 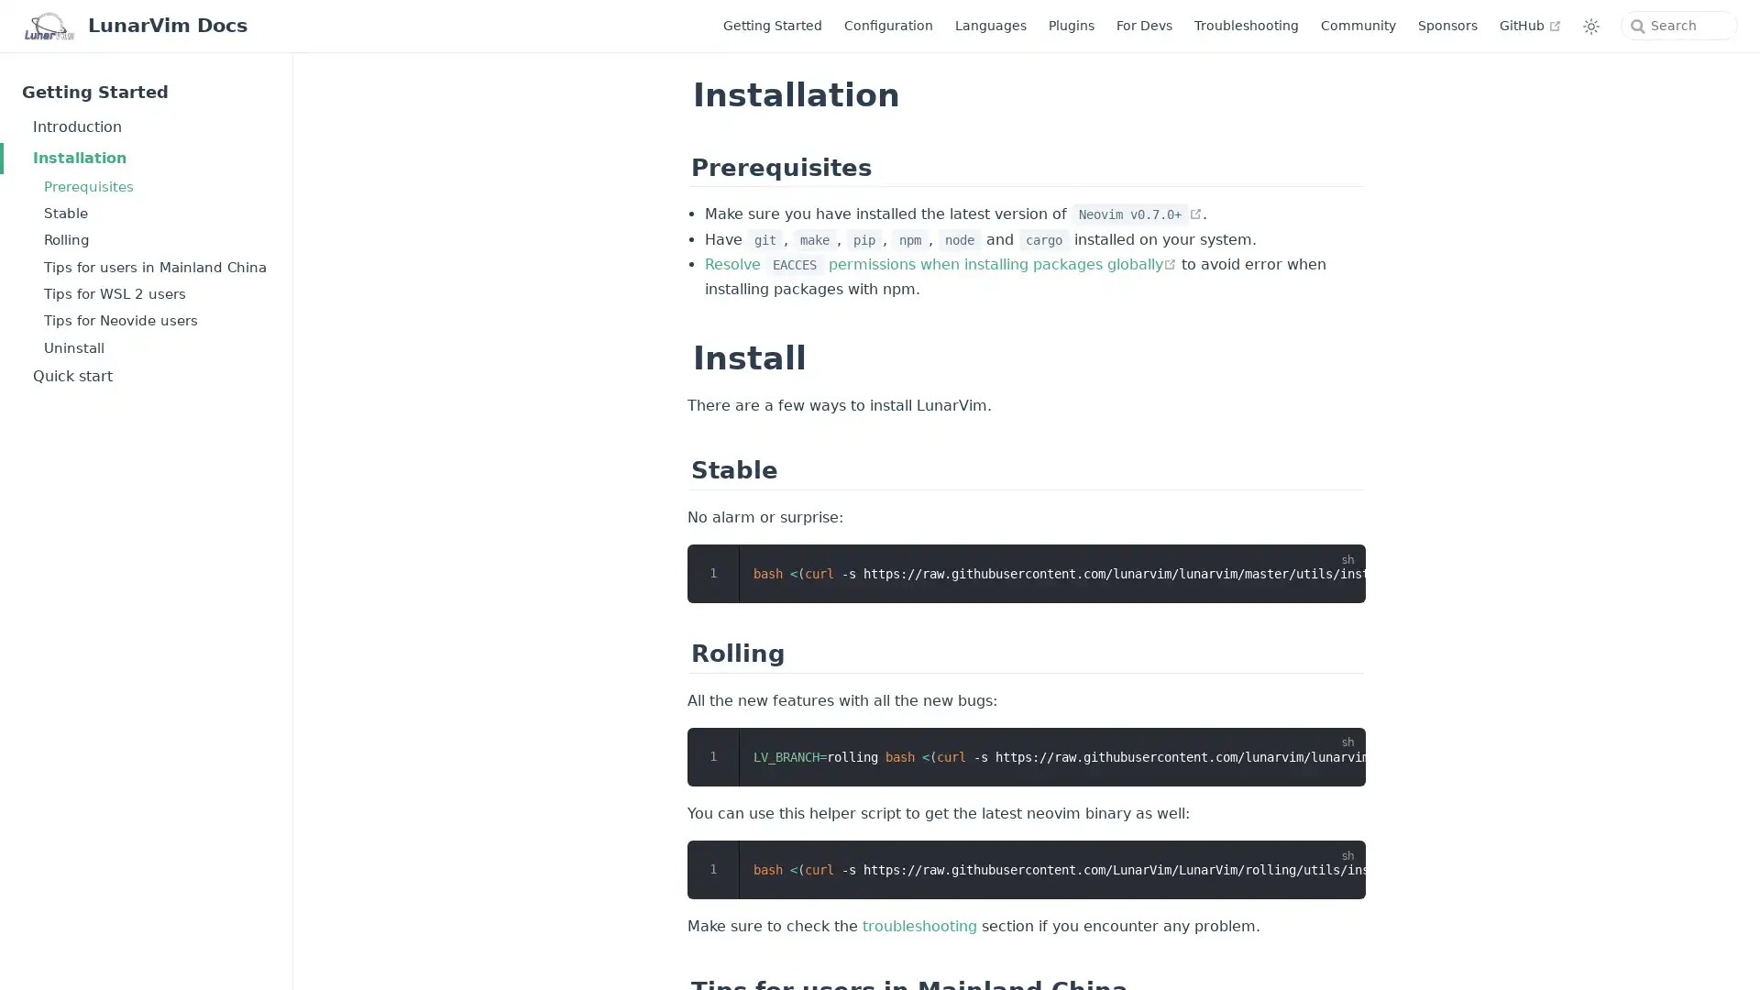 I want to click on toggle dark mode, so click(x=1590, y=25).